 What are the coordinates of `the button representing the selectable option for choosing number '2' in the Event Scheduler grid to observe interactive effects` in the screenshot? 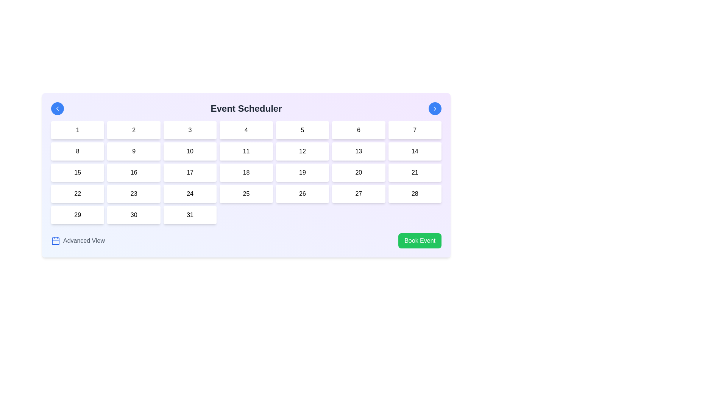 It's located at (134, 130).